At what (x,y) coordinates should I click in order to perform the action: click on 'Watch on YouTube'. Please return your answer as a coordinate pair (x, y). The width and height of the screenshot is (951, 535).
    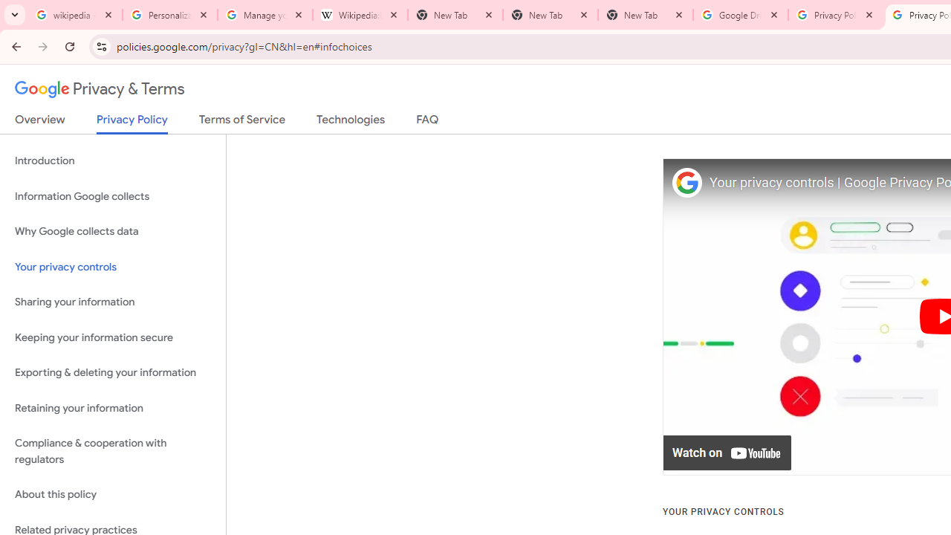
    Looking at the image, I should click on (727, 453).